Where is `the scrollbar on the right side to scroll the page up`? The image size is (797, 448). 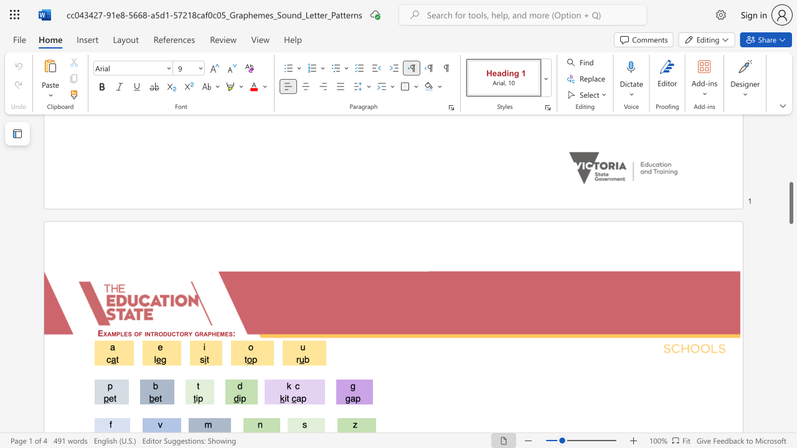
the scrollbar on the right side to scroll the page up is located at coordinates (790, 137).